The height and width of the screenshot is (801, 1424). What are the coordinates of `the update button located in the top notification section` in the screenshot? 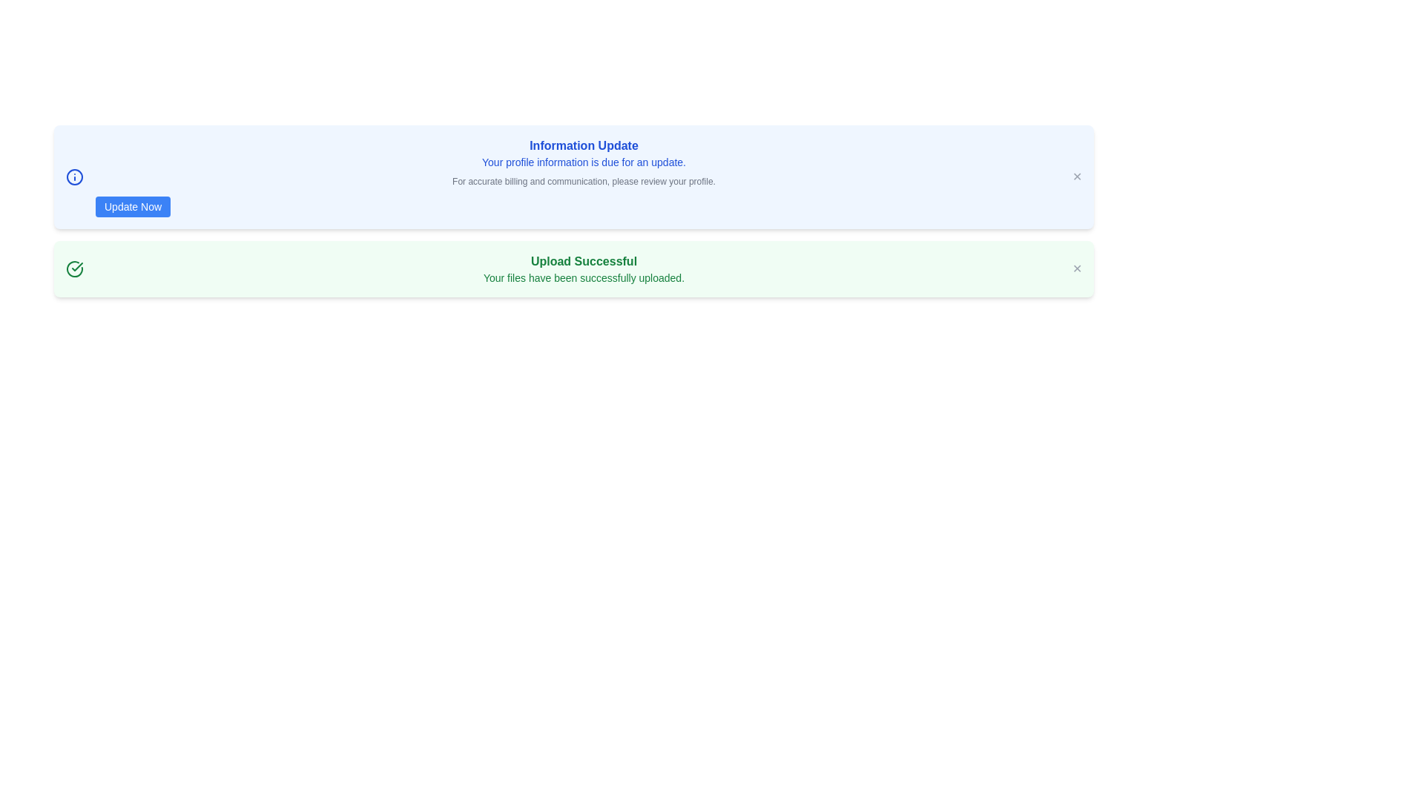 It's located at (133, 206).